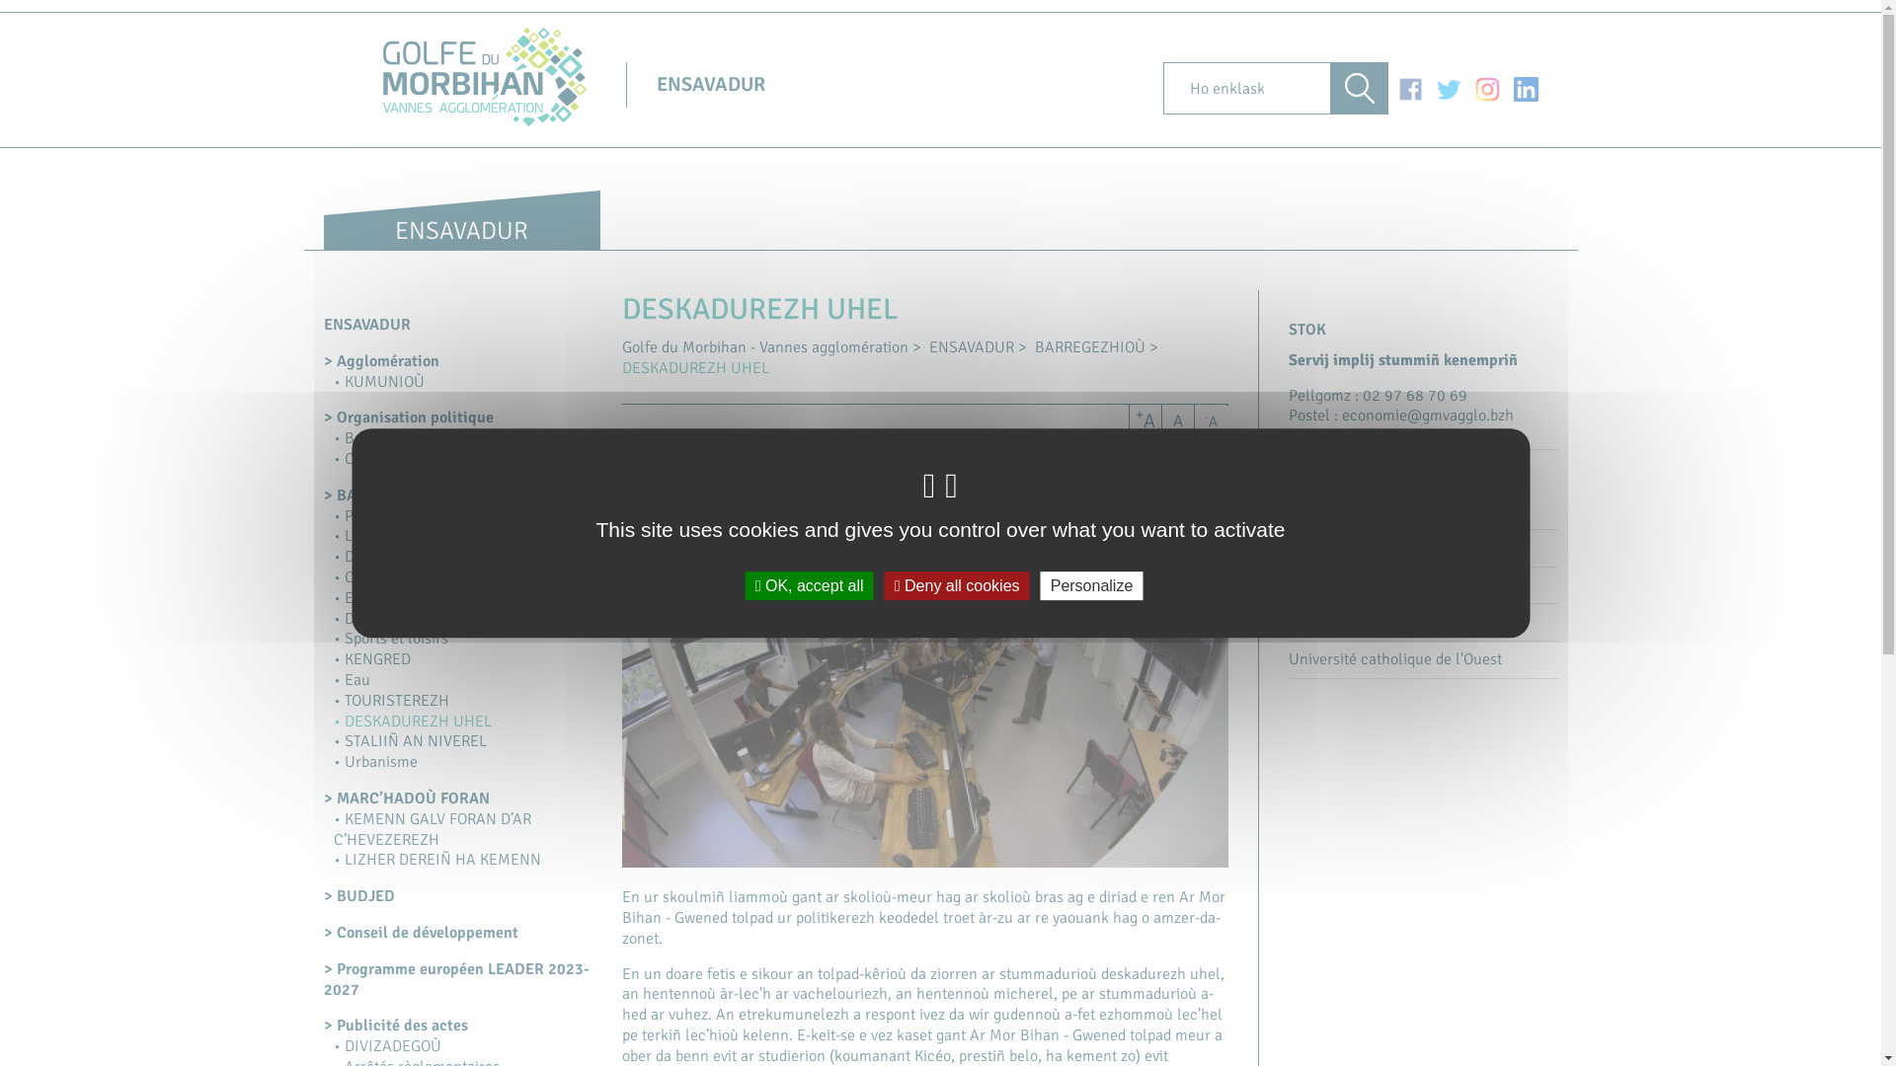 The width and height of the screenshot is (1896, 1066). What do you see at coordinates (1193, 420) in the screenshot?
I see `'-A'` at bounding box center [1193, 420].